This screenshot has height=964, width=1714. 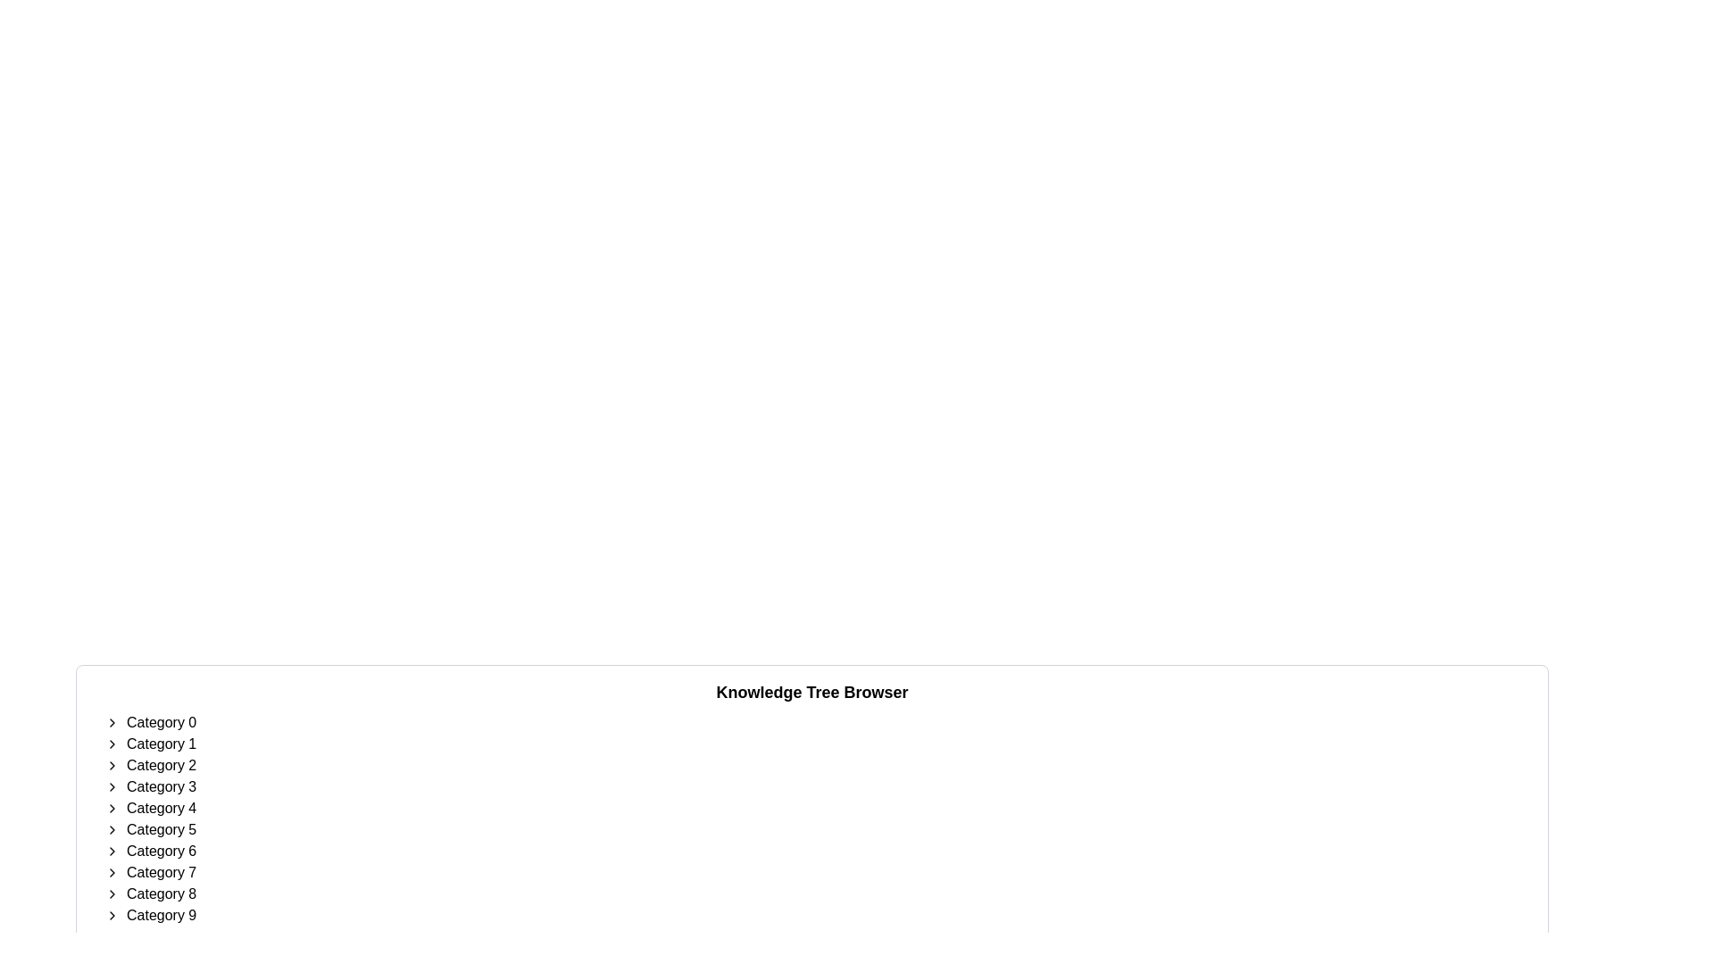 I want to click on the icon that serves as an indicator for expanding or collapsing content related to 'Category 5', located to the left of the 'Category 5' text, so click(x=111, y=829).